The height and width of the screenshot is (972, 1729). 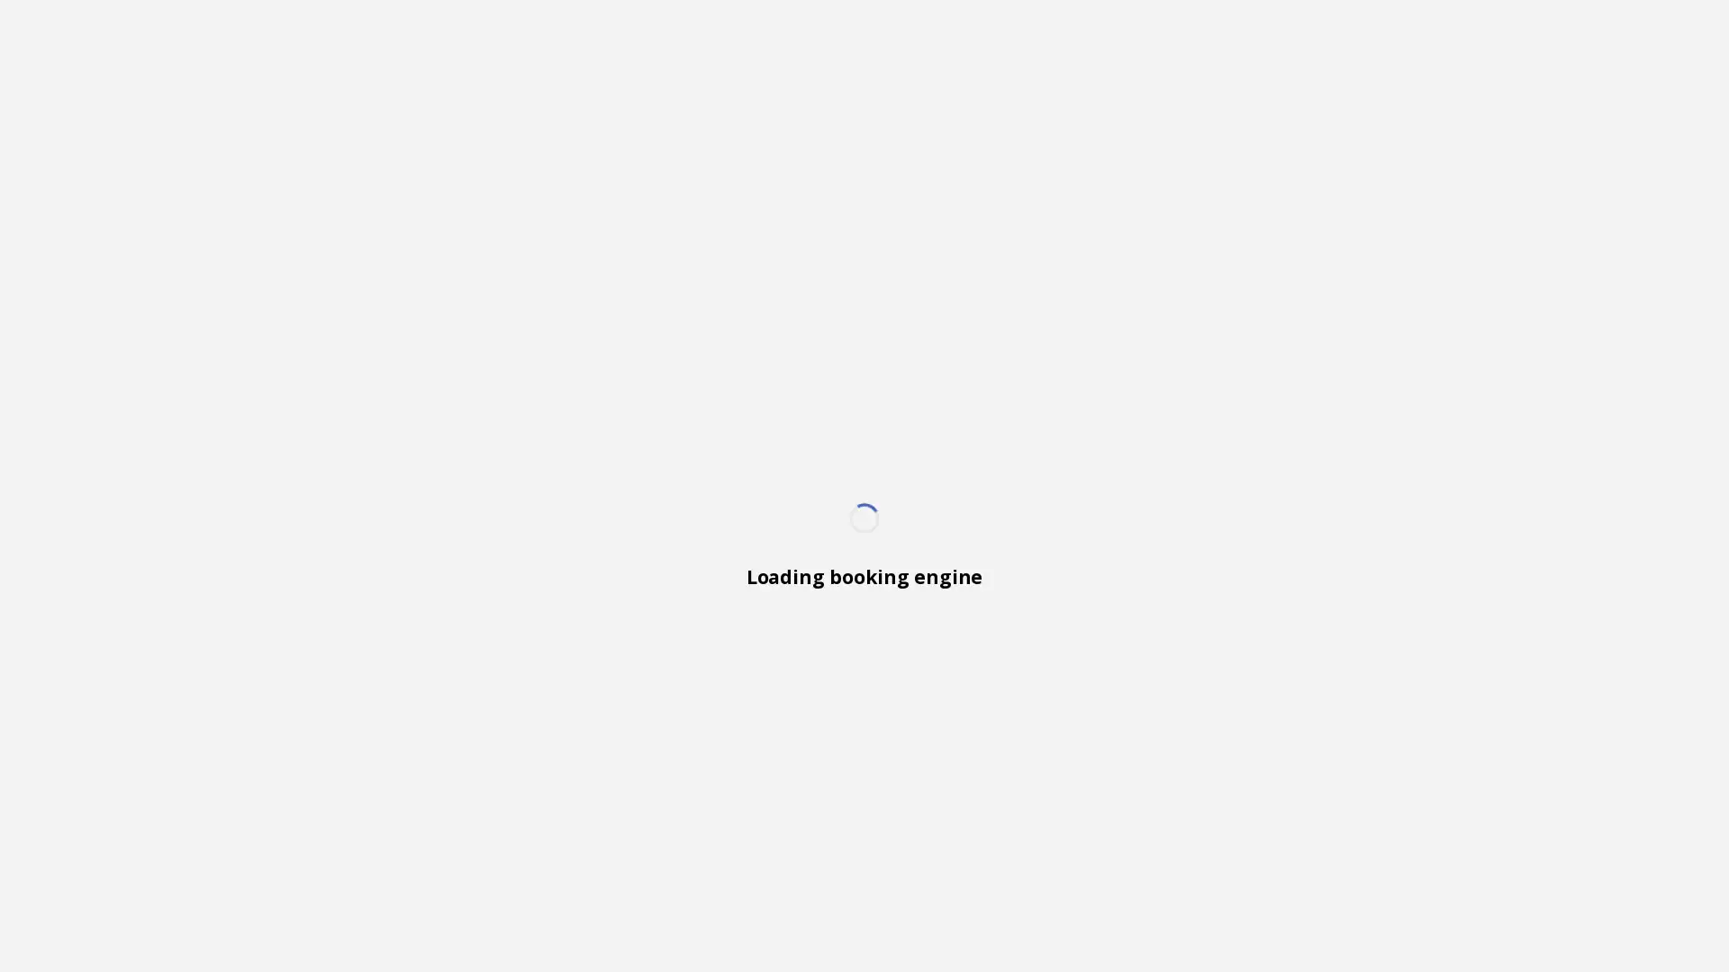 What do you see at coordinates (1465, 915) in the screenshot?
I see `Accept all` at bounding box center [1465, 915].